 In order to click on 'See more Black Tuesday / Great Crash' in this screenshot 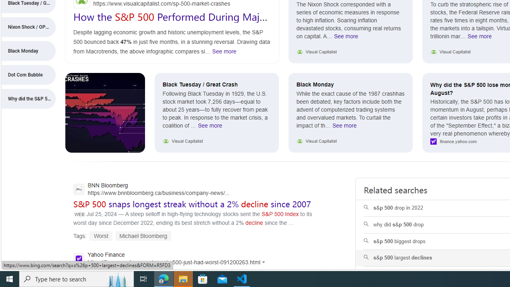, I will do `click(210, 127)`.